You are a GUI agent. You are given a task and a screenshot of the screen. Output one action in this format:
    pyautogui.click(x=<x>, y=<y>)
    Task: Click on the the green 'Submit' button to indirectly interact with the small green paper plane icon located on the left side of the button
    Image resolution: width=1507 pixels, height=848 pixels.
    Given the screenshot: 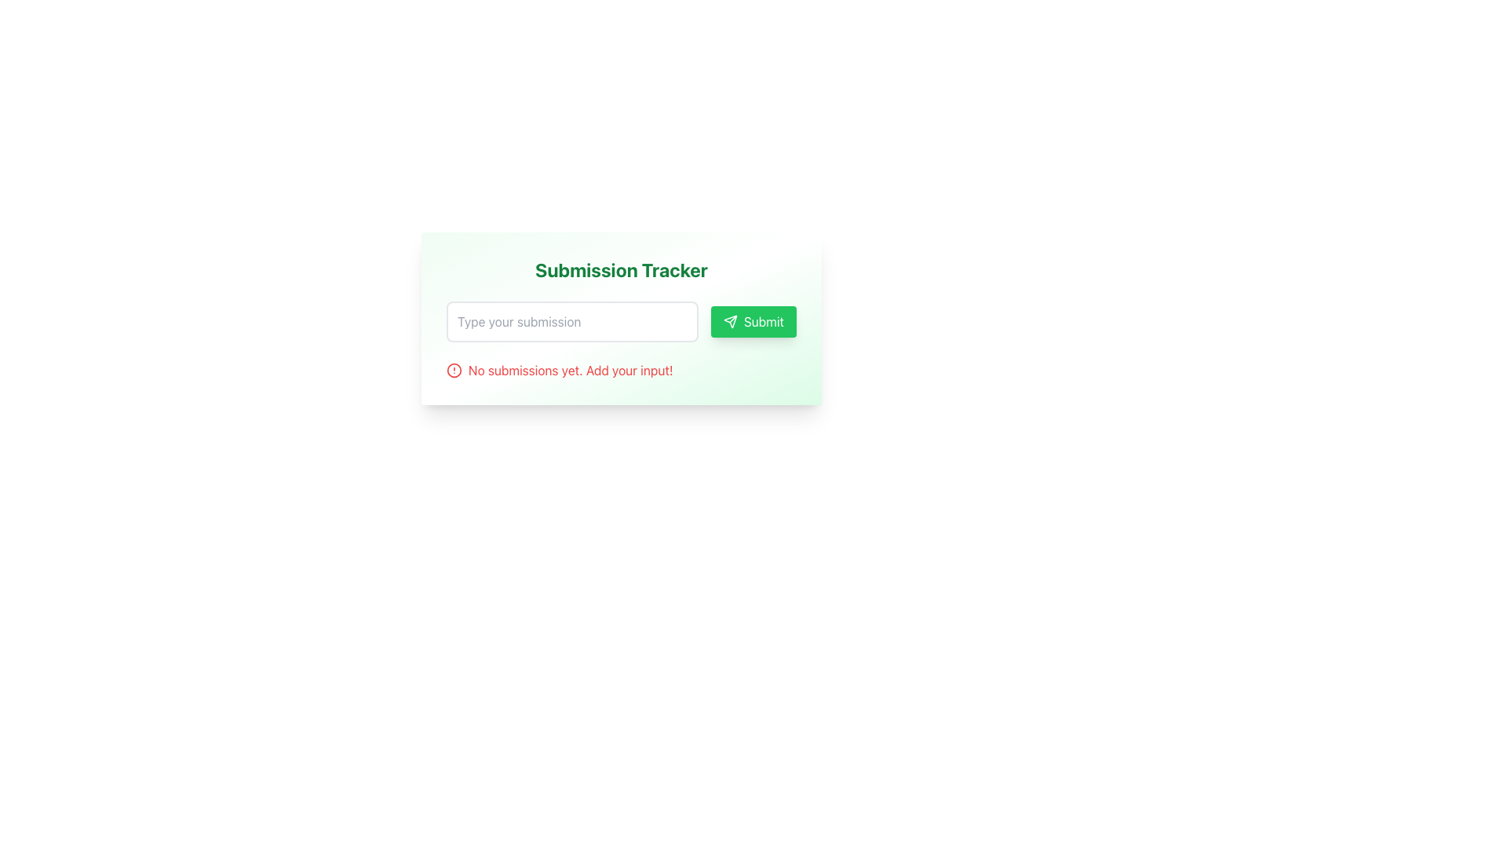 What is the action you would take?
    pyautogui.click(x=729, y=320)
    